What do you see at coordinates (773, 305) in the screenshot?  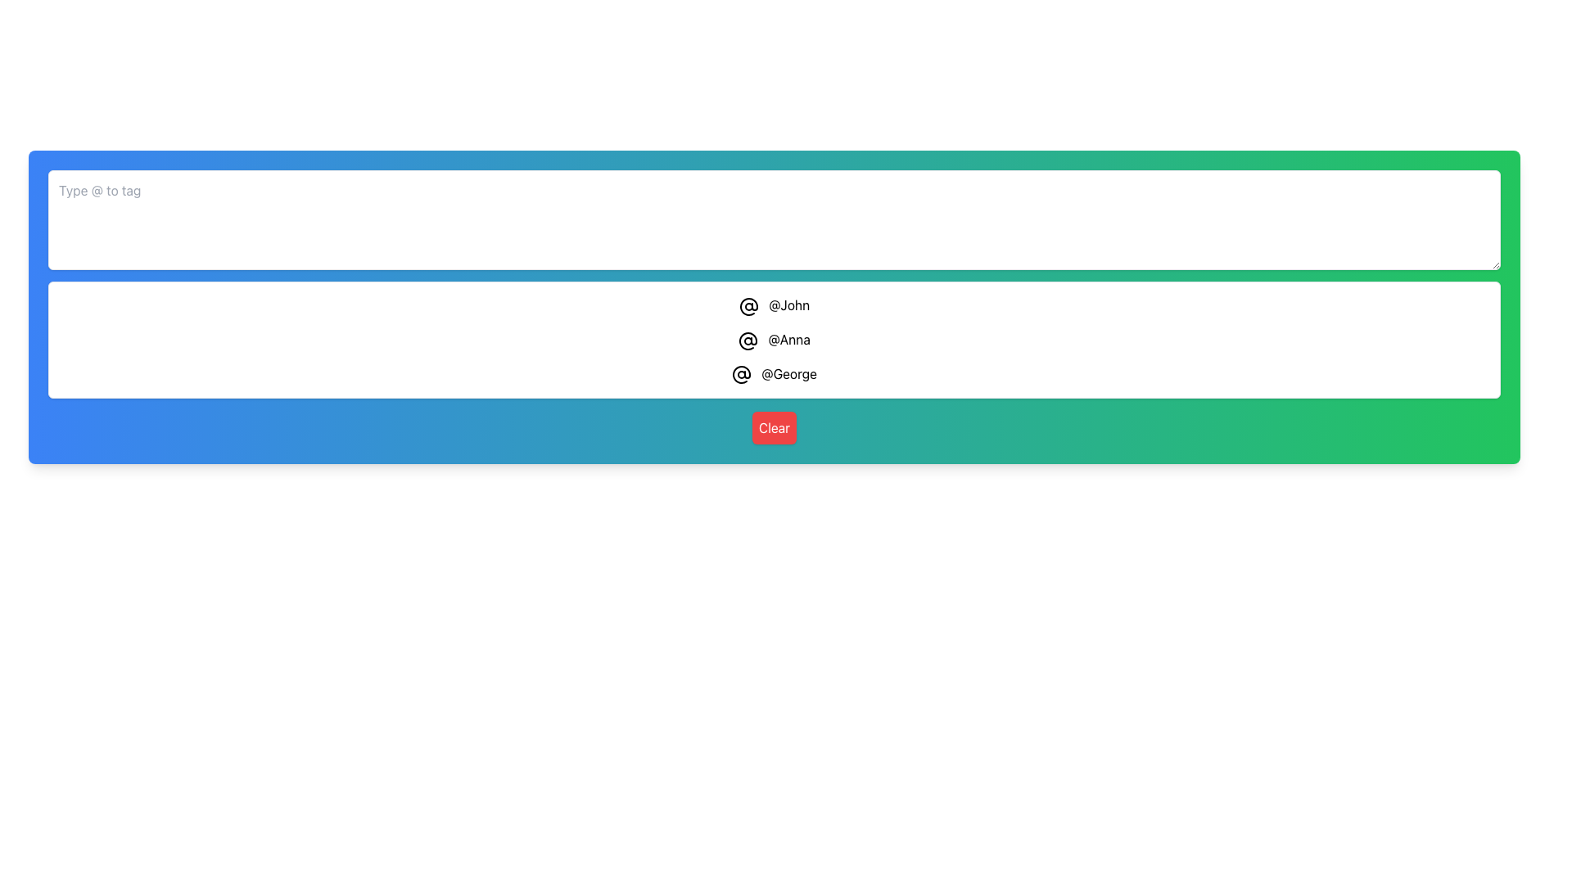 I see `the first selectable username item '@John' in the vertical list of usernames` at bounding box center [773, 305].